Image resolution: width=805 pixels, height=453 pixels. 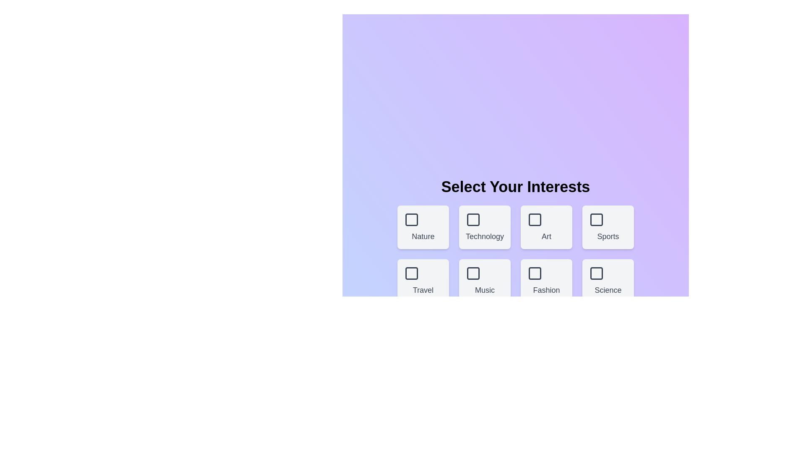 I want to click on the theme box labeled Technology, so click(x=485, y=227).